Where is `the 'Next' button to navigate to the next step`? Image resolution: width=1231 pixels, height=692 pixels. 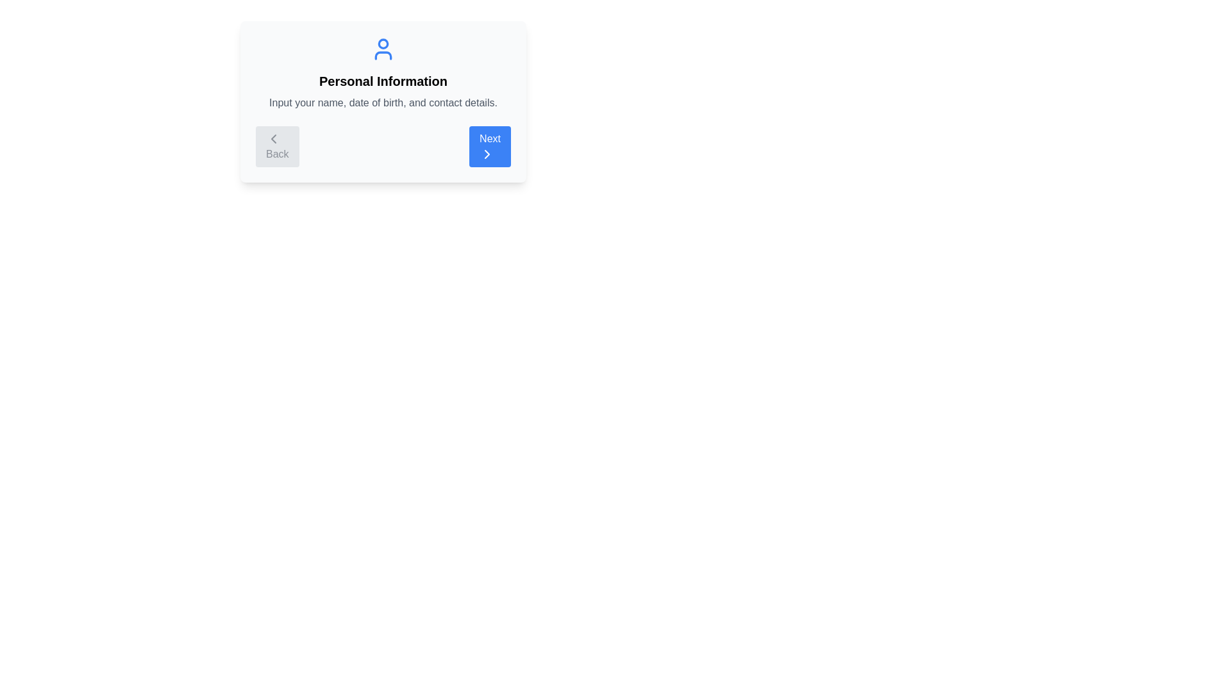 the 'Next' button to navigate to the next step is located at coordinates (489, 145).